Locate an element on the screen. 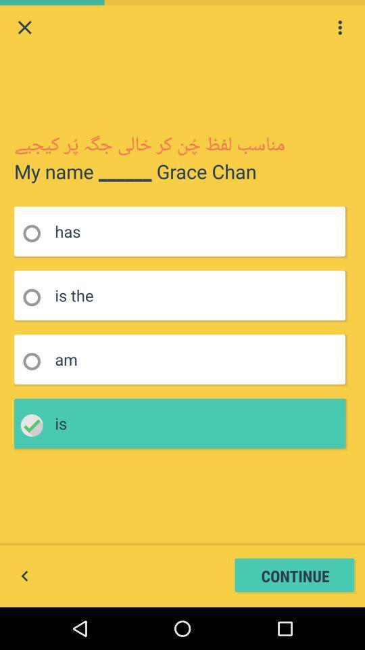  the more icon is located at coordinates (339, 28).